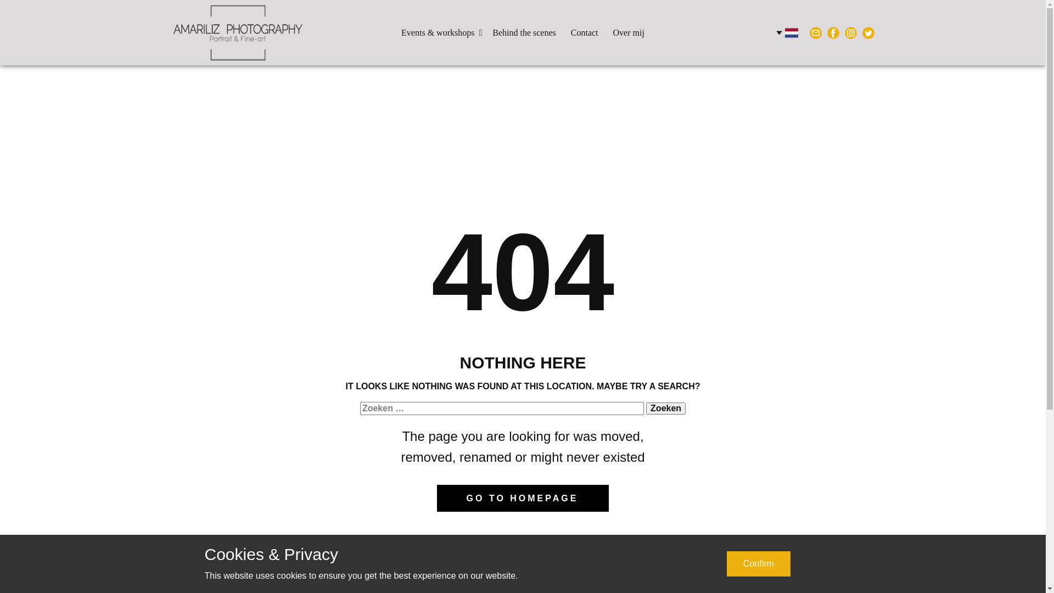 The image size is (1054, 593). I want to click on 'Email', so click(815, 32).